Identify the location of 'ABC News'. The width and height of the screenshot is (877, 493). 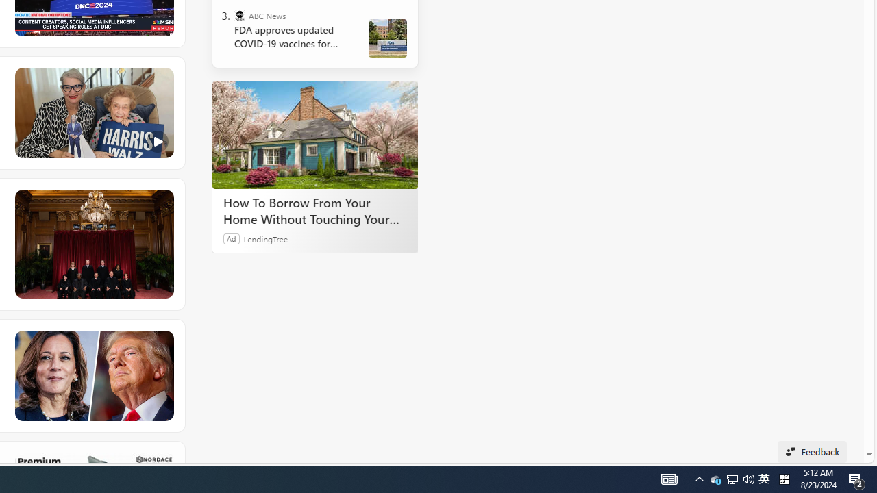
(240, 16).